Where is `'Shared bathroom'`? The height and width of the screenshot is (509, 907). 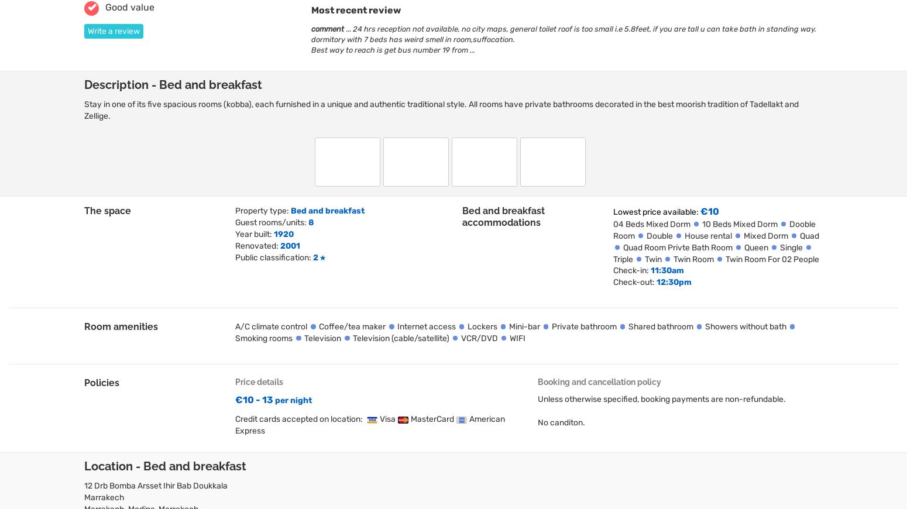
'Shared bathroom' is located at coordinates (659, 326).